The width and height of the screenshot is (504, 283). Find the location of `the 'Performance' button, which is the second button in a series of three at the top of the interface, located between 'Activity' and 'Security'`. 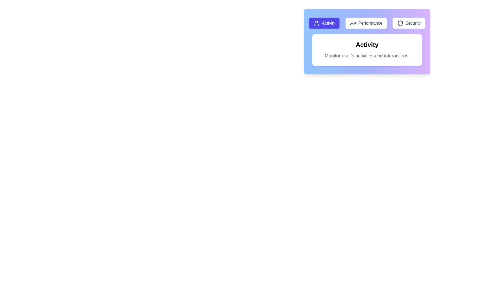

the 'Performance' button, which is the second button in a series of three at the top of the interface, located between 'Activity' and 'Security' is located at coordinates (366, 23).